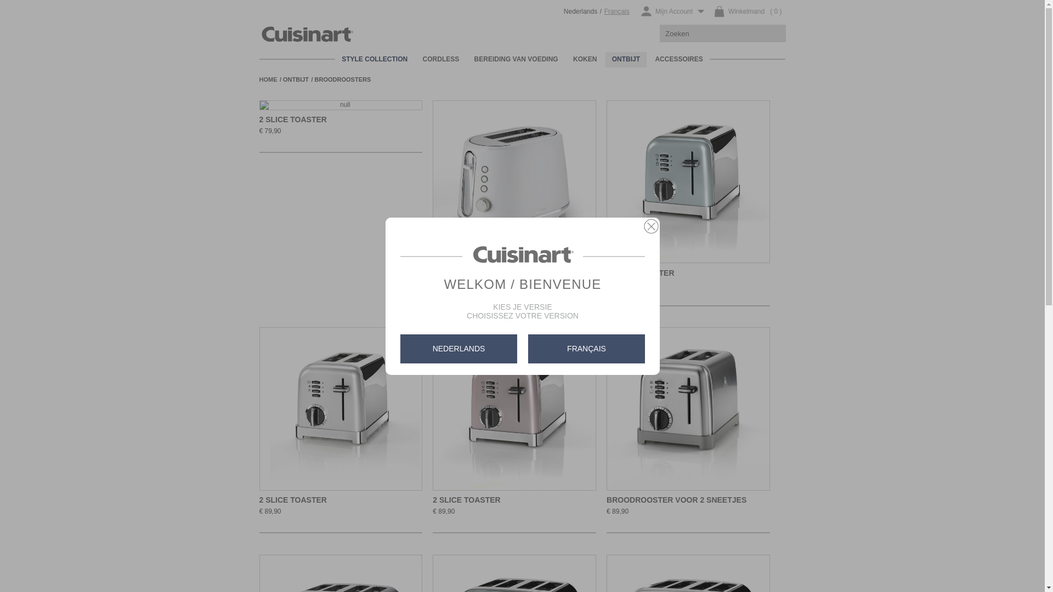 Image resolution: width=1053 pixels, height=592 pixels. What do you see at coordinates (563, 12) in the screenshot?
I see `'Nederlands'` at bounding box center [563, 12].